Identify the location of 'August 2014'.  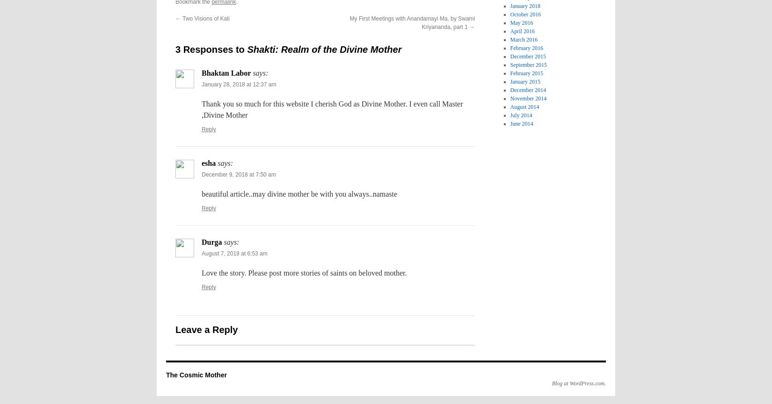
(524, 106).